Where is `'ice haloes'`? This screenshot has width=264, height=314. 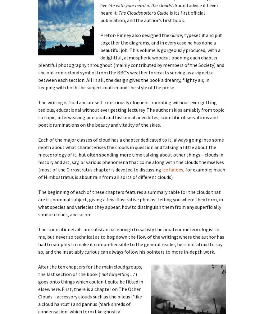
'ice haloes' is located at coordinates (172, 169).